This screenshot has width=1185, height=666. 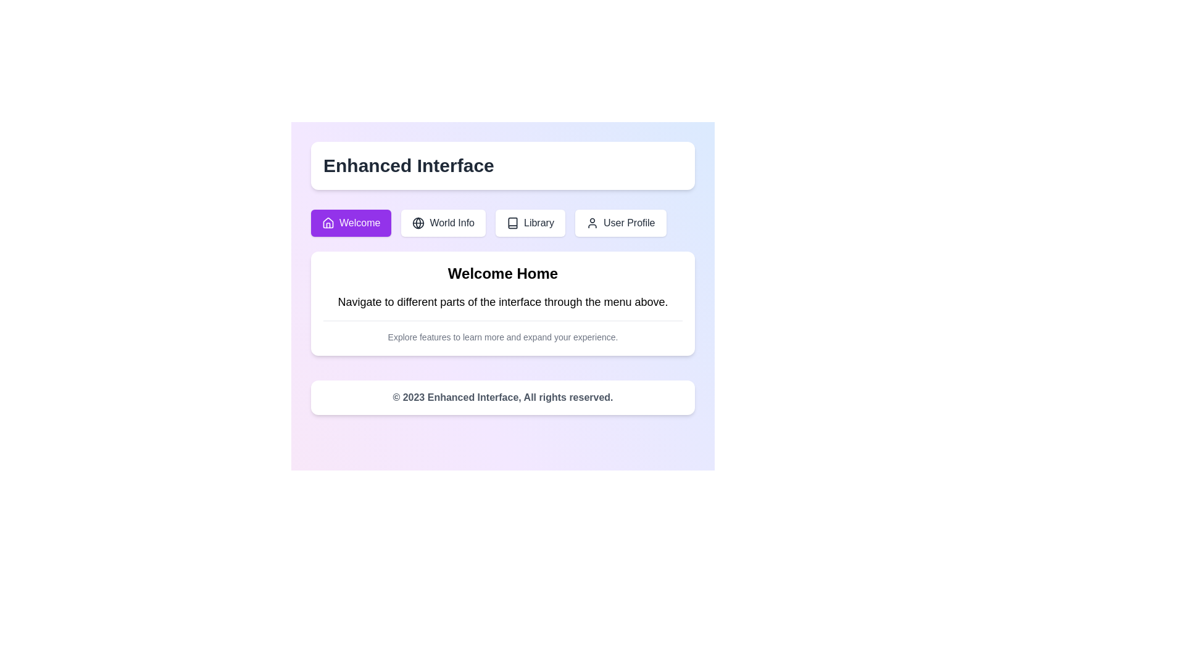 I want to click on the SVG book icon located to the left of the 'Library' text label in the interactive menu section of the web interface, so click(x=512, y=223).